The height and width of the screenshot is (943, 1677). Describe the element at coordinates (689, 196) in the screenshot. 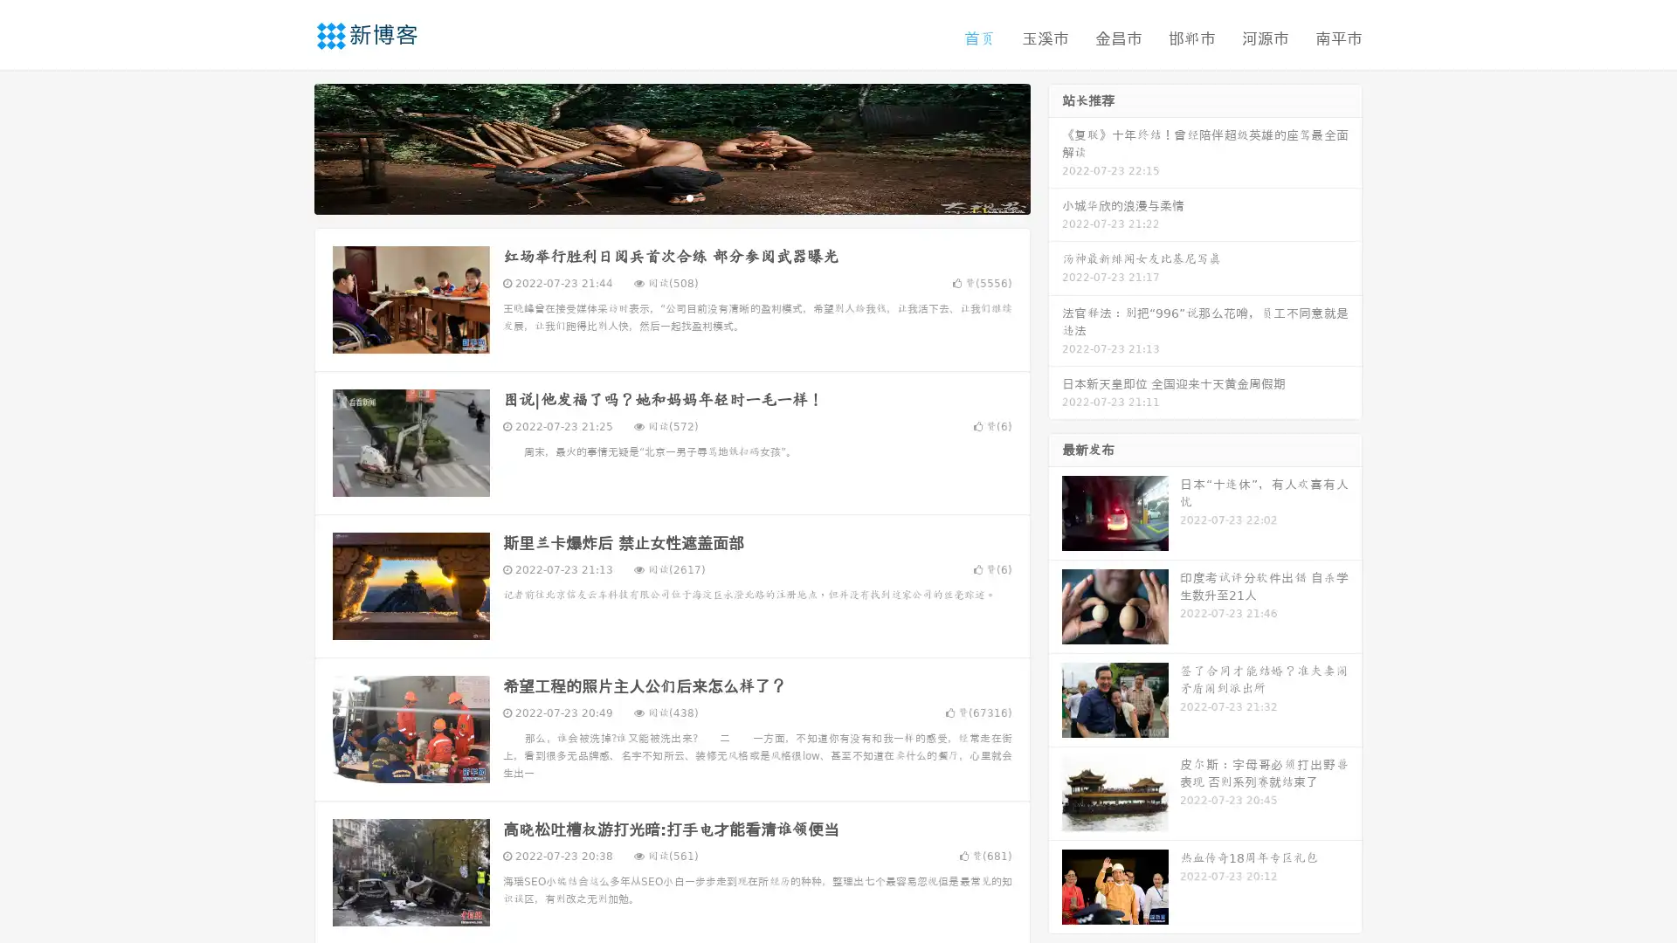

I see `Go to slide 3` at that location.